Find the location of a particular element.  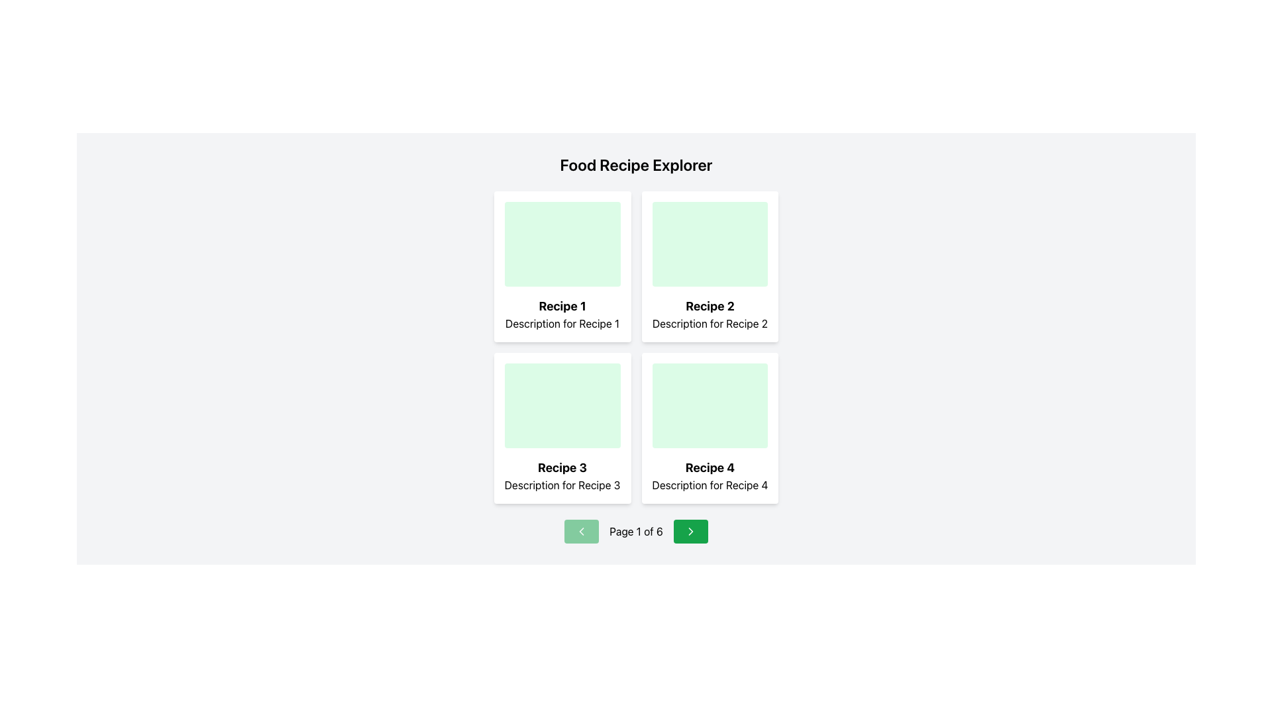

the information Label located at the bottom-center of the visible content, which indicates the current page in the paginated sequence is located at coordinates (636, 530).